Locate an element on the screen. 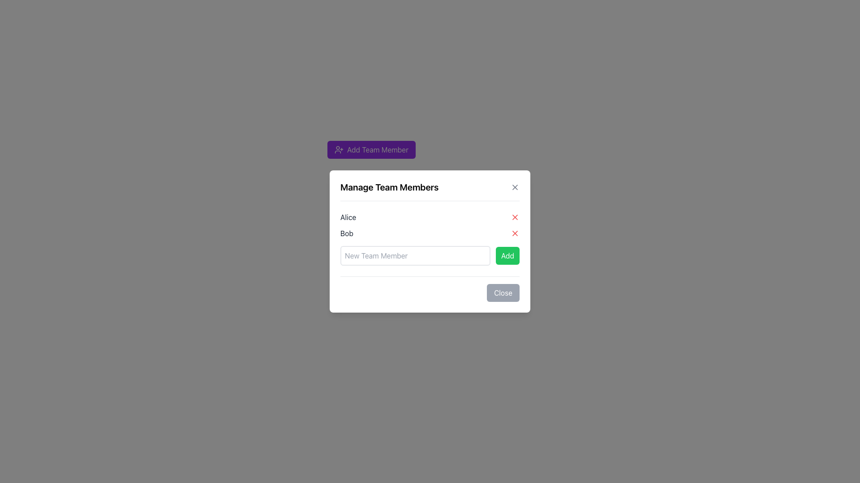 Image resolution: width=860 pixels, height=483 pixels. the red 'X' icon button located to the far right of the row containing the name 'Bob' in the 'Manage Team Members' modal to change its color is located at coordinates (515, 233).